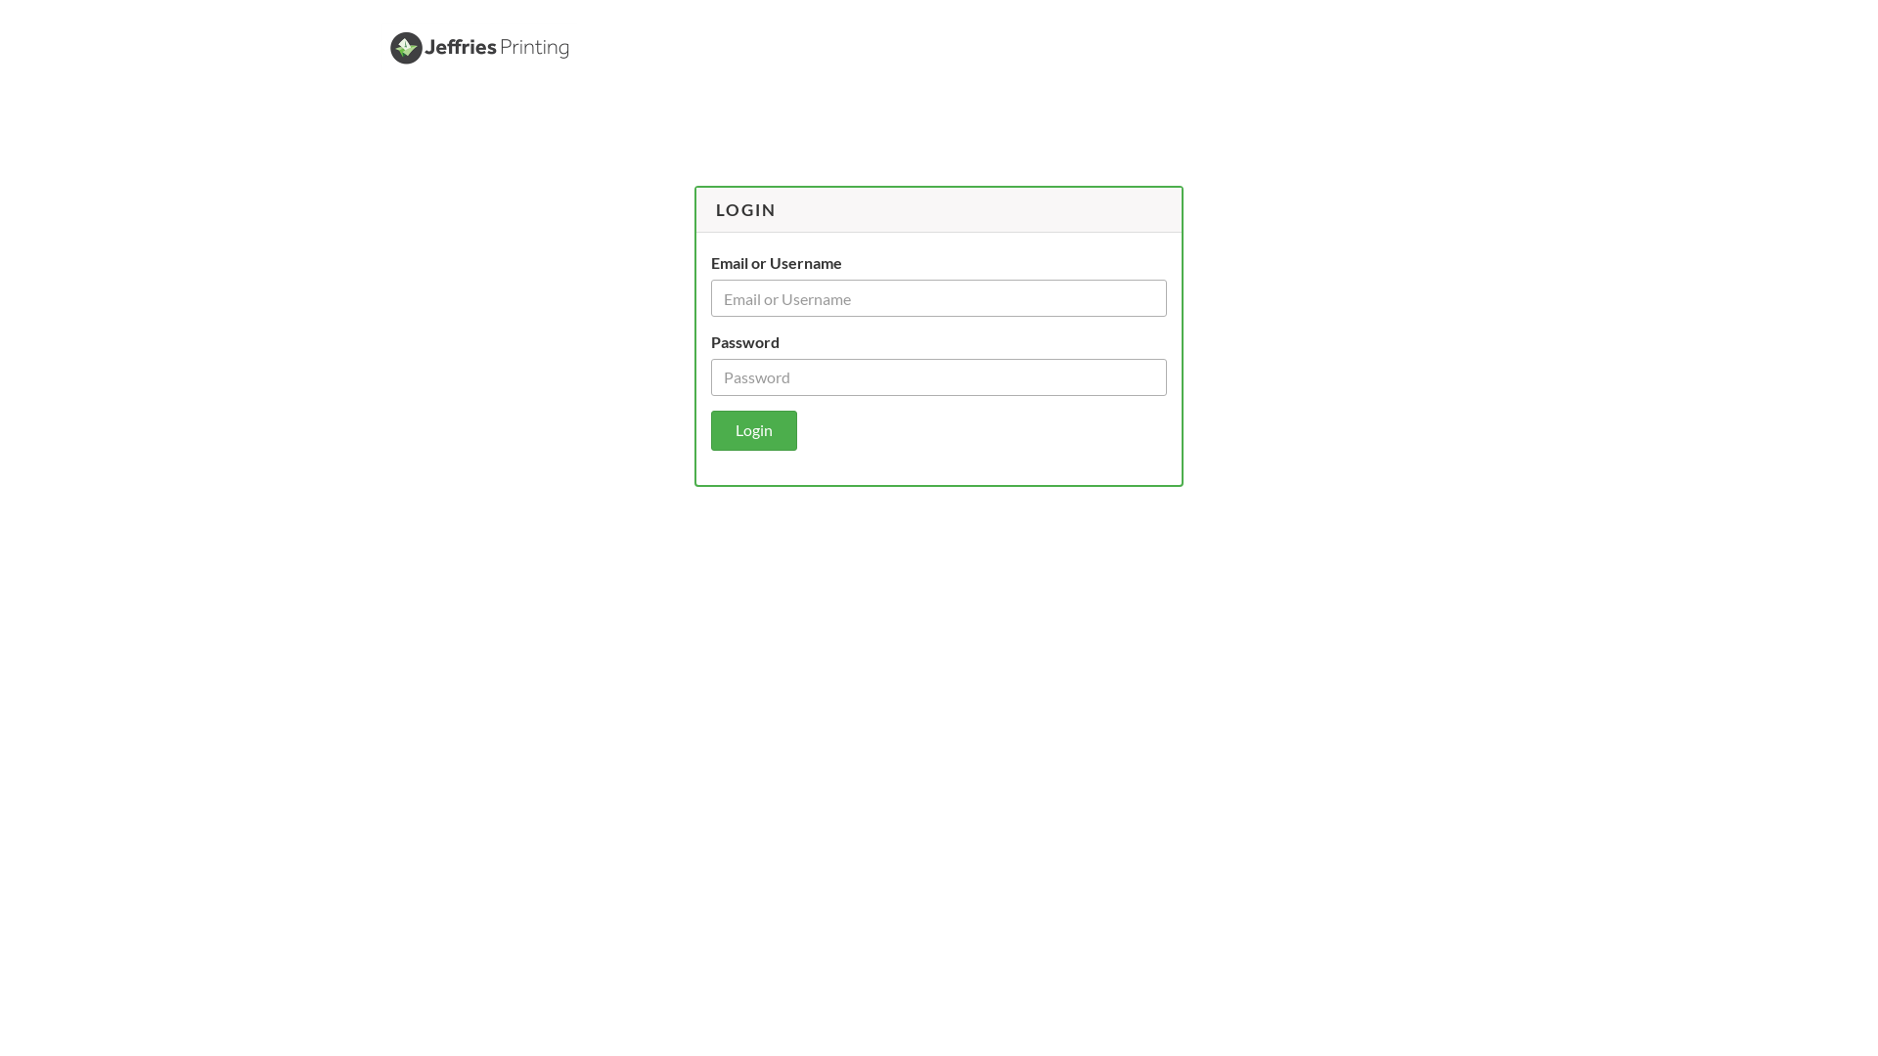 This screenshot has height=1056, width=1878. What do you see at coordinates (478, 47) in the screenshot?
I see `'Jeffries Printing'` at bounding box center [478, 47].